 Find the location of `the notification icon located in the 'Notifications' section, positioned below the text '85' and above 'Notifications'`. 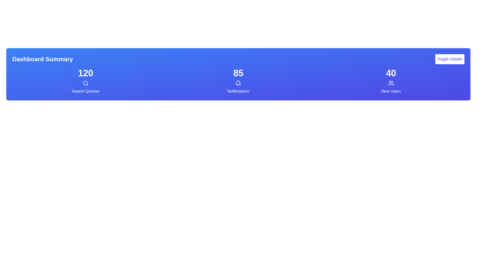

the notification icon located in the 'Notifications' section, positioned below the text '85' and above 'Notifications' is located at coordinates (238, 83).